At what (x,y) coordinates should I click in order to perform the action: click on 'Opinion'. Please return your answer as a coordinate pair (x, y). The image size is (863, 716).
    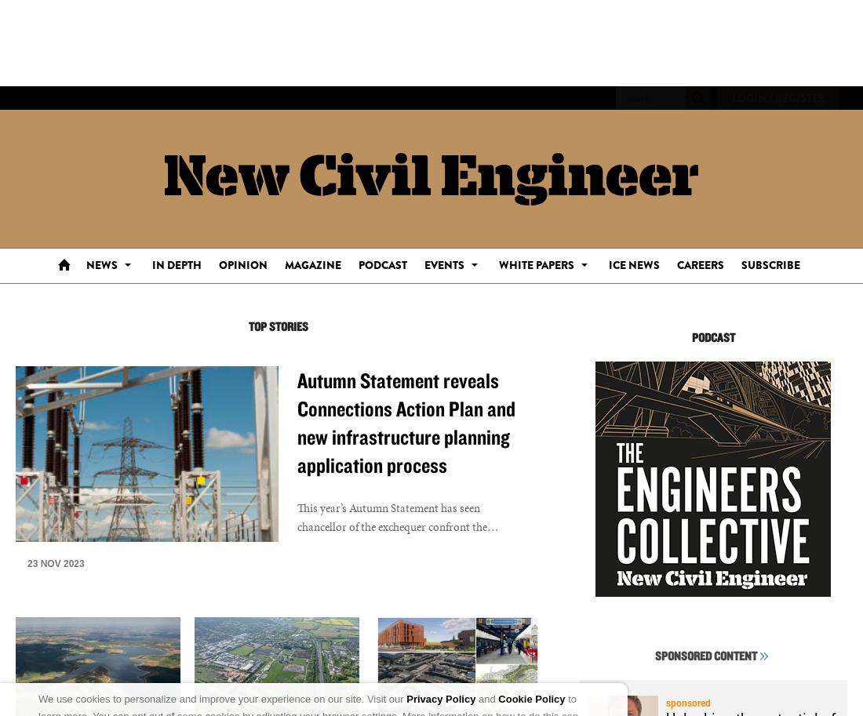
    Looking at the image, I should click on (242, 264).